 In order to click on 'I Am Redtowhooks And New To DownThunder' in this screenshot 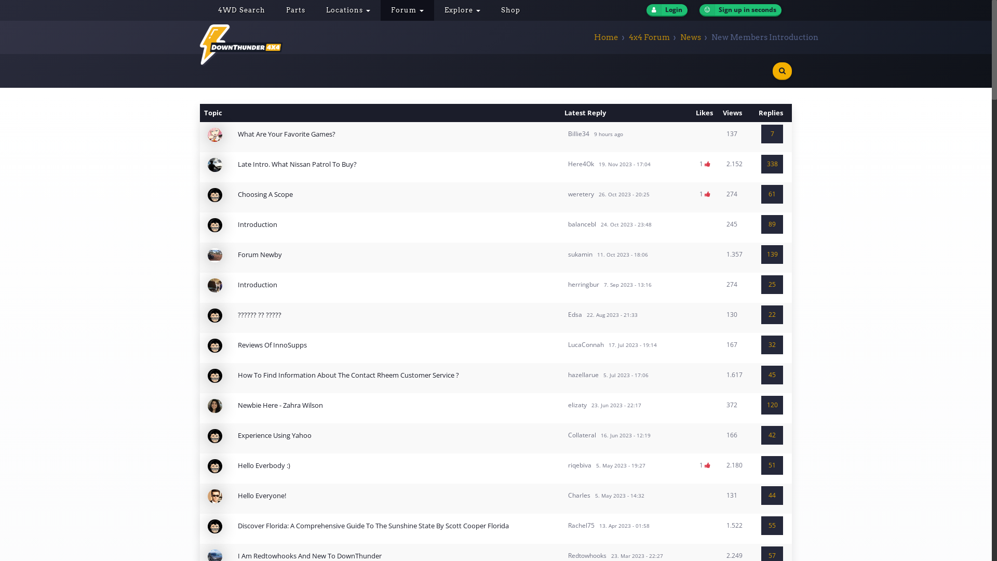, I will do `click(309, 555)`.